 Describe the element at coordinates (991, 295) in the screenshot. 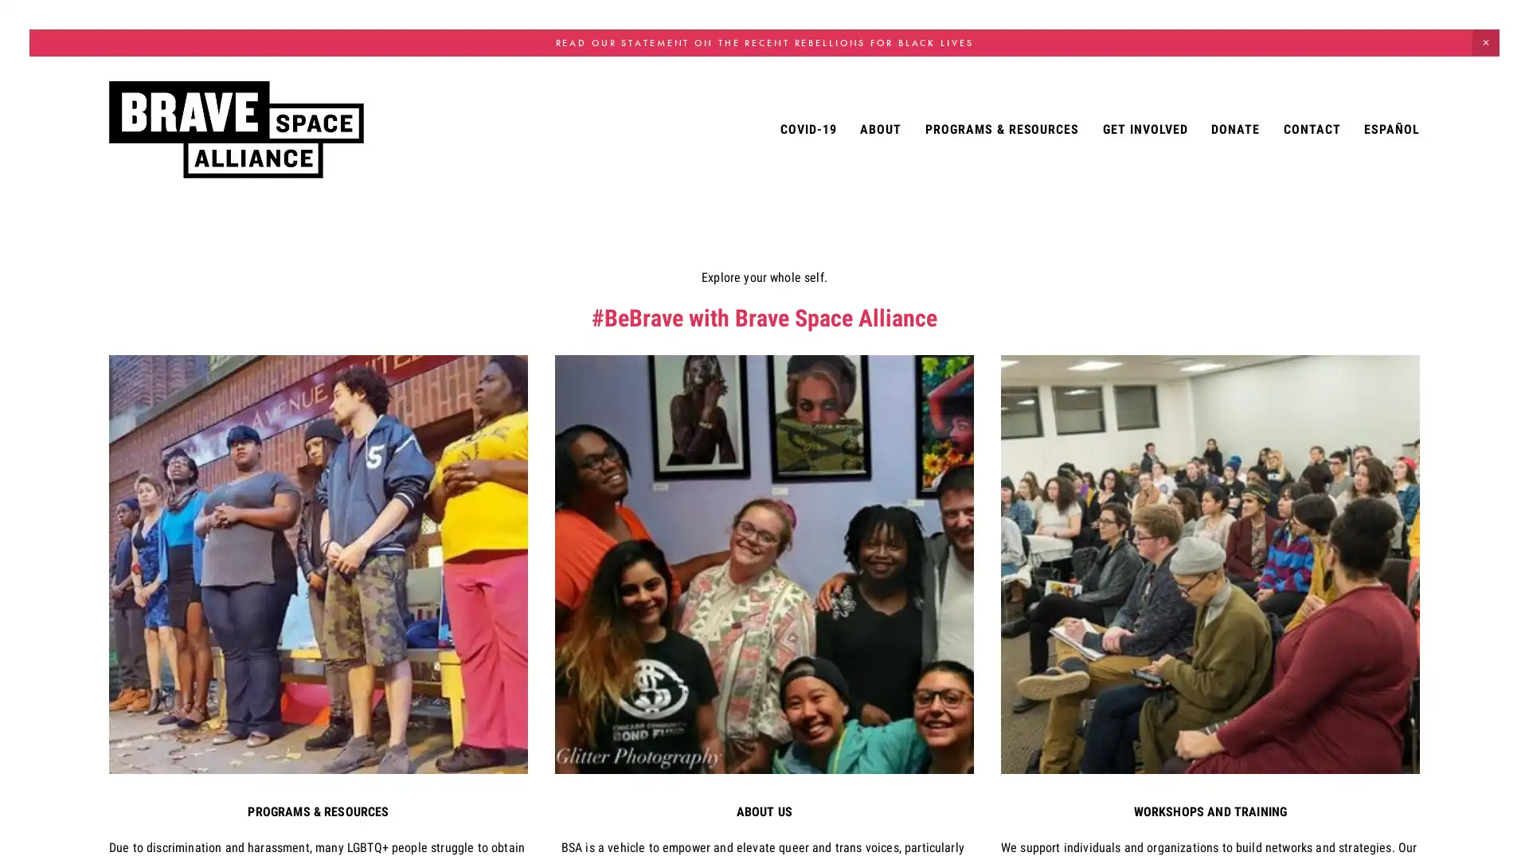

I see `Close` at that location.